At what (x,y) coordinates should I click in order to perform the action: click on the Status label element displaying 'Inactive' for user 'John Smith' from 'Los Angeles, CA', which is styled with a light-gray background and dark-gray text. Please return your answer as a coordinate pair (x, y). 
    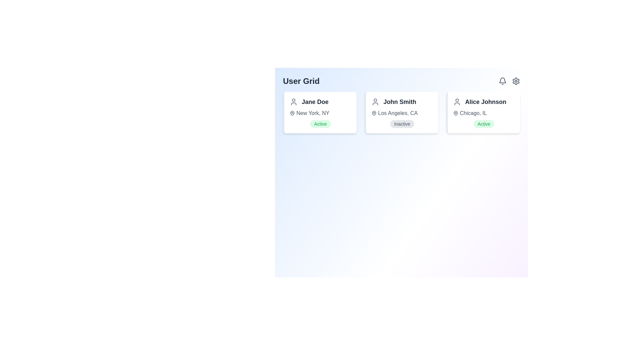
    Looking at the image, I should click on (402, 124).